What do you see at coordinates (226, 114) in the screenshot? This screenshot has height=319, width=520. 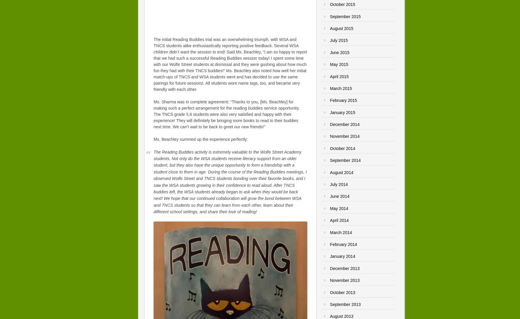 I see `'Ms. Sharma was in complete agreement: “Thanks to you, [Ms. Beachley] for making such a perfect arrangement for the reading buddies service opportunity. The TNCS grade 5,6 students were also very satisfied and happy with their experience! They will definitely be bringing more books to read to their buddies next time. We can’t wait to be back to greet our new friends!”'` at bounding box center [226, 114].